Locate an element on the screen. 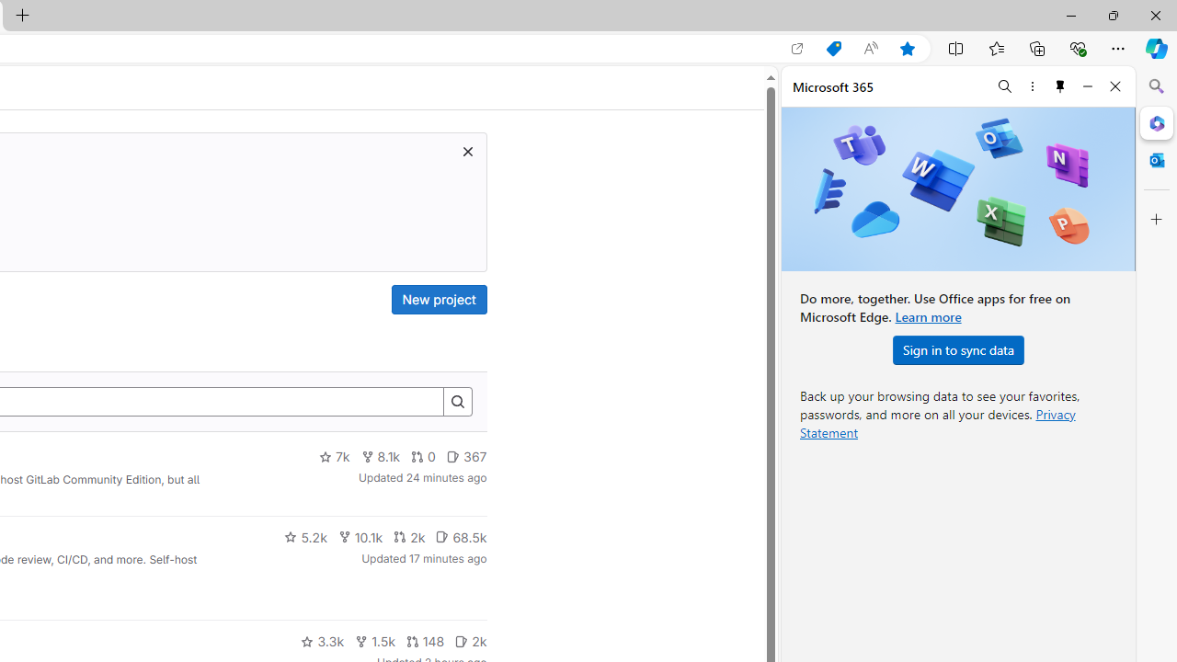  '148' is located at coordinates (424, 641).